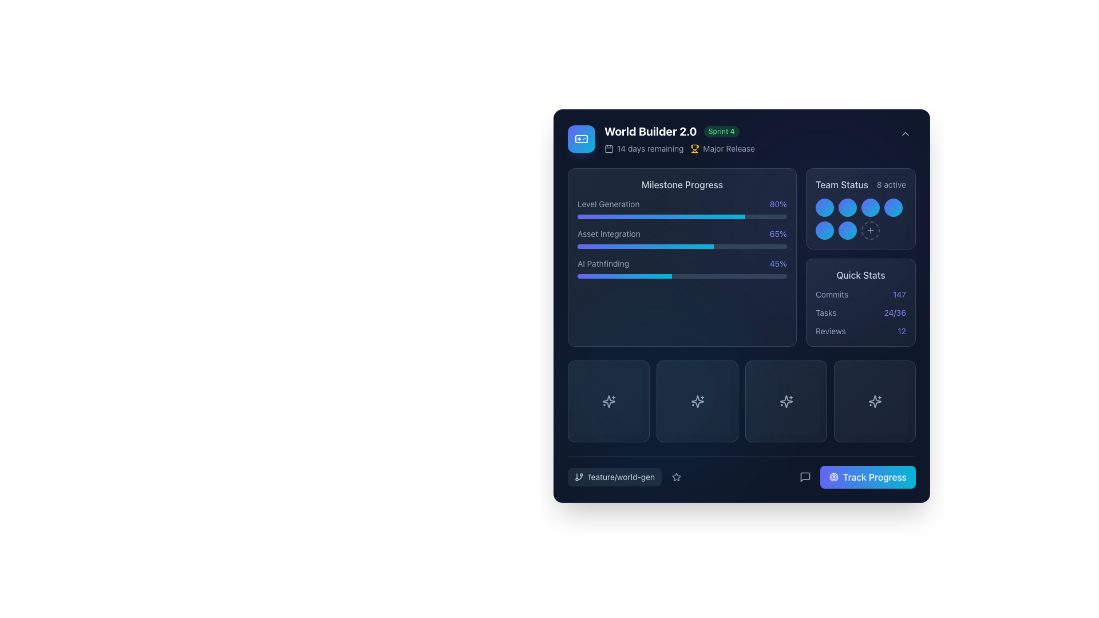  What do you see at coordinates (608, 401) in the screenshot?
I see `the rounded square button with a dark background and a centered sparkles icon located in the lower left of the group of four buttons below the 'Milestone Progress' section` at bounding box center [608, 401].